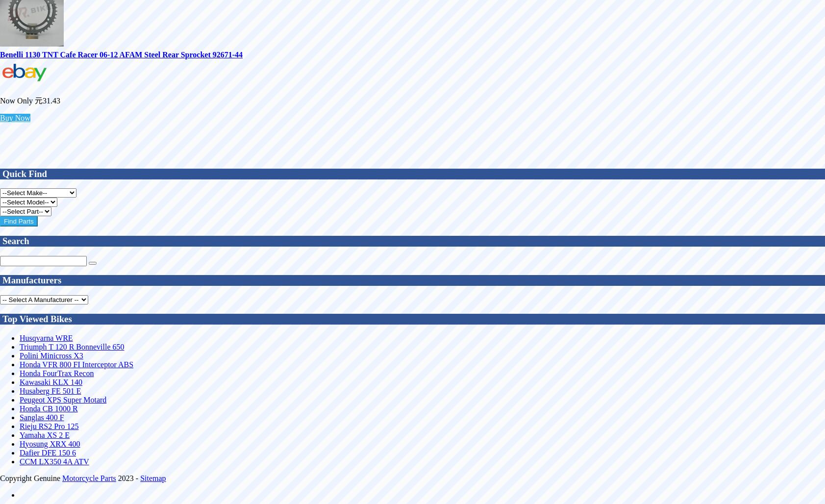 The width and height of the screenshot is (825, 504). Describe the element at coordinates (47, 452) in the screenshot. I see `'Dafier DFE 150 6'` at that location.